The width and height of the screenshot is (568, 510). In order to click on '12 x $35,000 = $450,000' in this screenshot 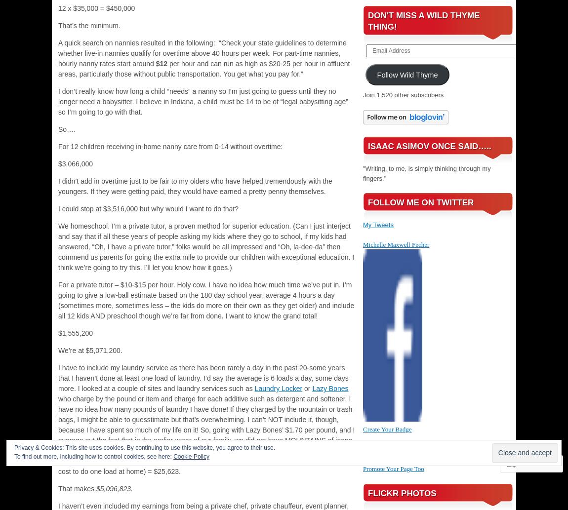, I will do `click(96, 8)`.